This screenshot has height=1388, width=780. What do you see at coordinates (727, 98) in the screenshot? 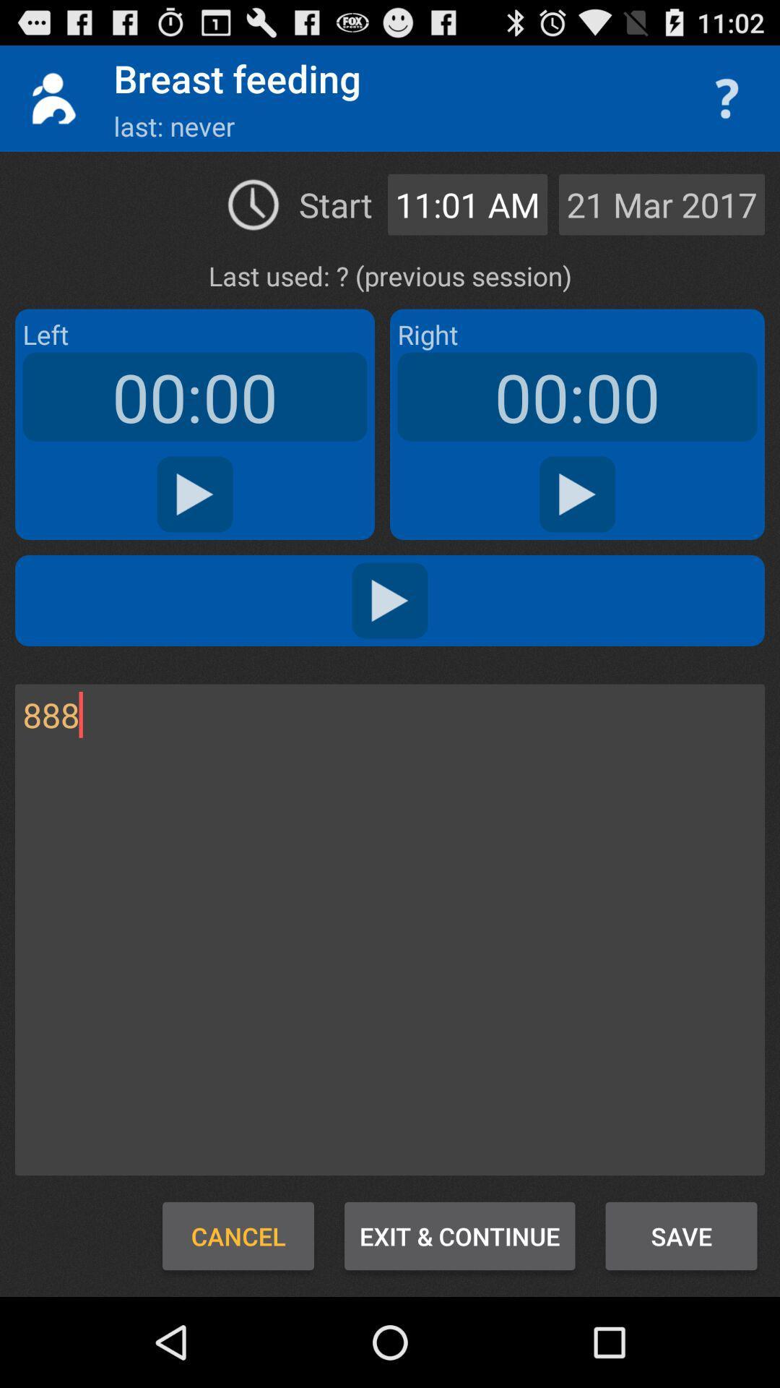
I see `question mark` at bounding box center [727, 98].